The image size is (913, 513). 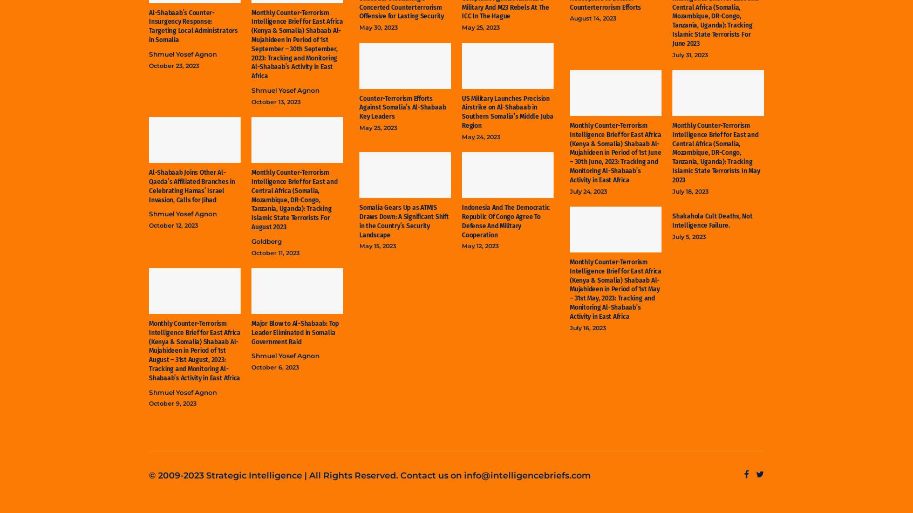 What do you see at coordinates (172, 402) in the screenshot?
I see `'October 9, 2023'` at bounding box center [172, 402].